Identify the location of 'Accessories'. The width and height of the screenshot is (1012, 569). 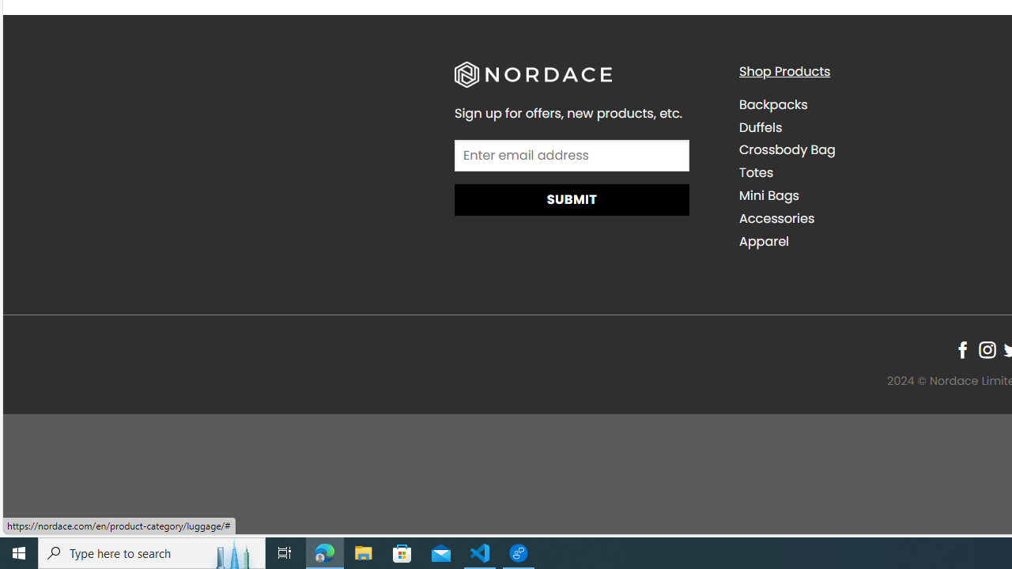
(776, 218).